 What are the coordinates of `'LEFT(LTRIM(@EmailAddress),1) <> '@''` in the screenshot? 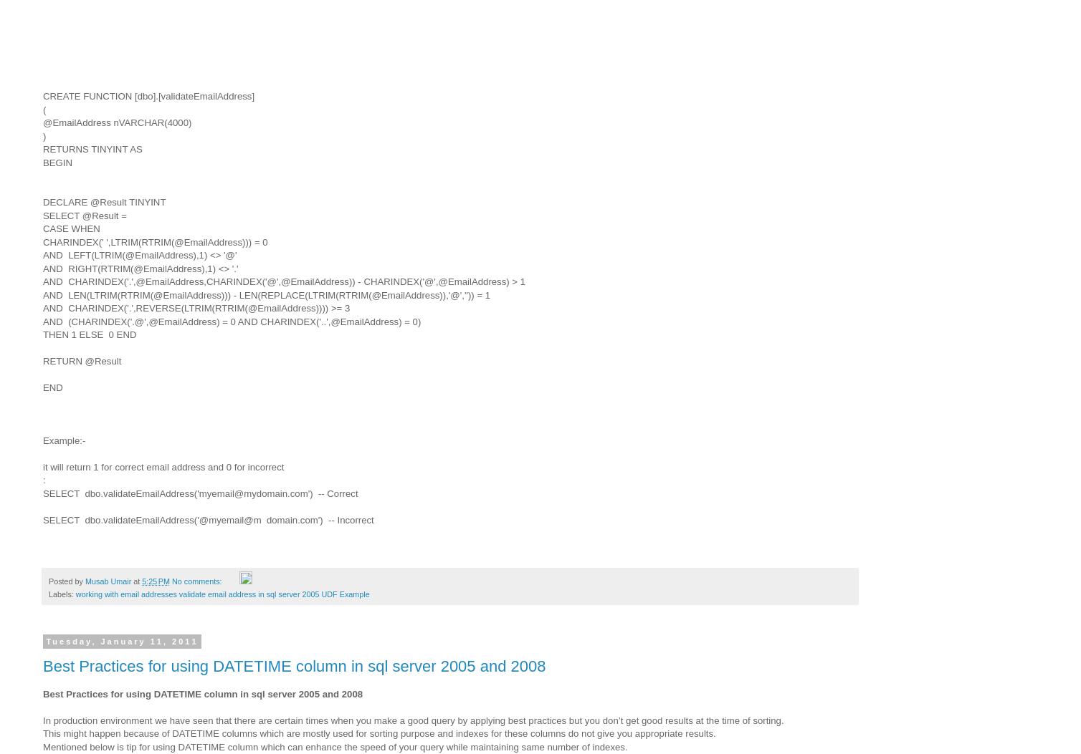 It's located at (151, 254).